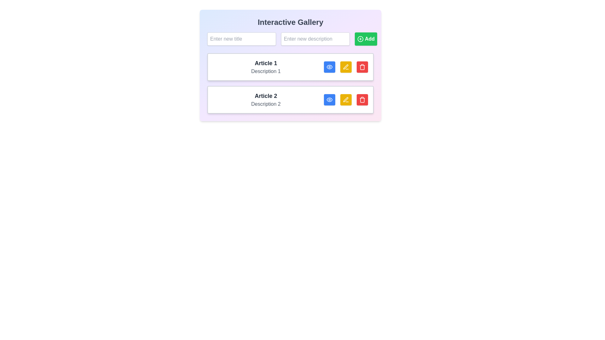 The image size is (605, 340). Describe the element at coordinates (329, 99) in the screenshot. I see `the eye-shaped icon button with a blue background located in the second row of the interactive gallery to preview` at that location.